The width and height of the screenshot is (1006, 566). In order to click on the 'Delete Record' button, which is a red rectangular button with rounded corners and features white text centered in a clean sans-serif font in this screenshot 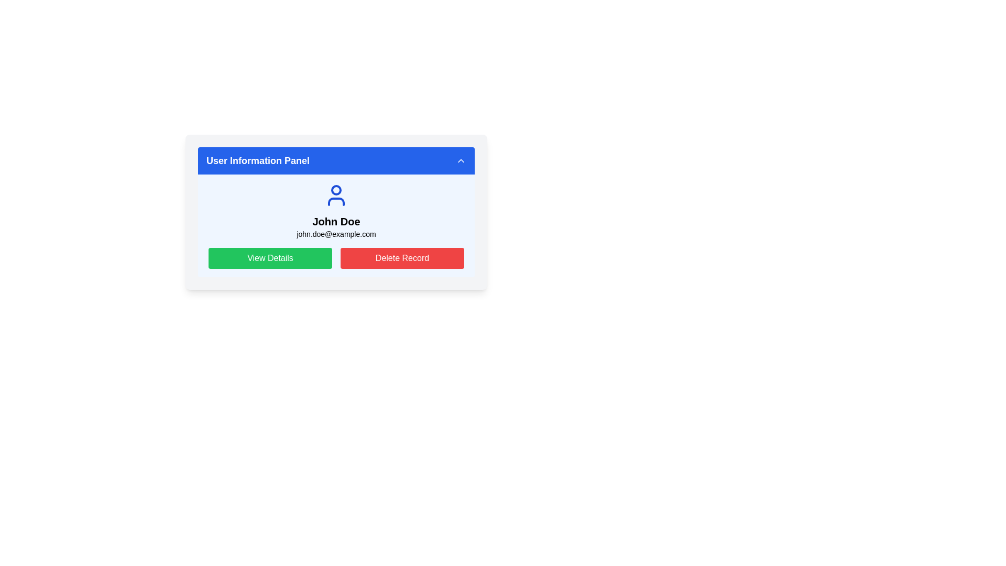, I will do `click(402, 258)`.